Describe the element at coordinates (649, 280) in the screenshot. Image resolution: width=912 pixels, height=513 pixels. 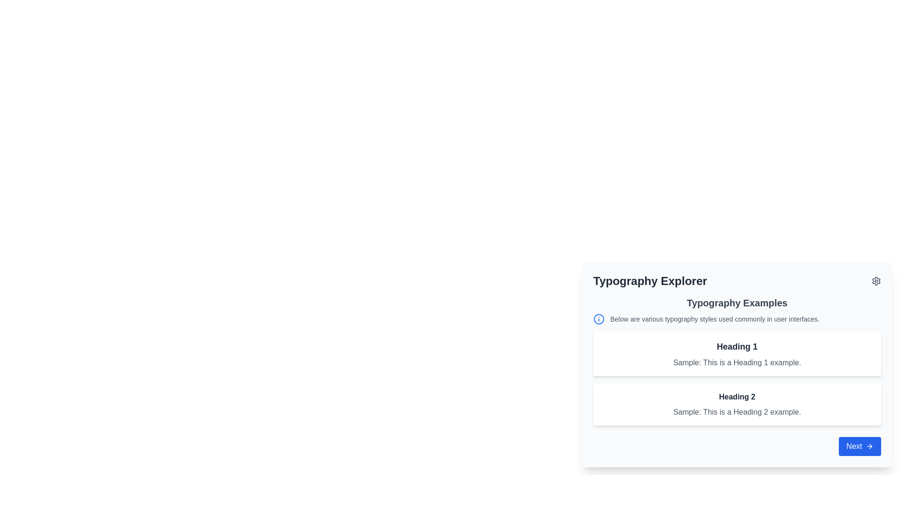
I see `the 'Typography Explorer' heading text, which is a bold large font element in dark gray color located at the top of a card-like section in the bottom-right quadrant of the interface` at that location.